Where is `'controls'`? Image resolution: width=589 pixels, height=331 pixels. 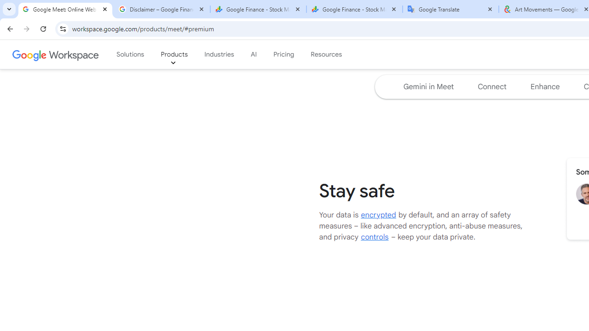 'controls' is located at coordinates (375, 236).